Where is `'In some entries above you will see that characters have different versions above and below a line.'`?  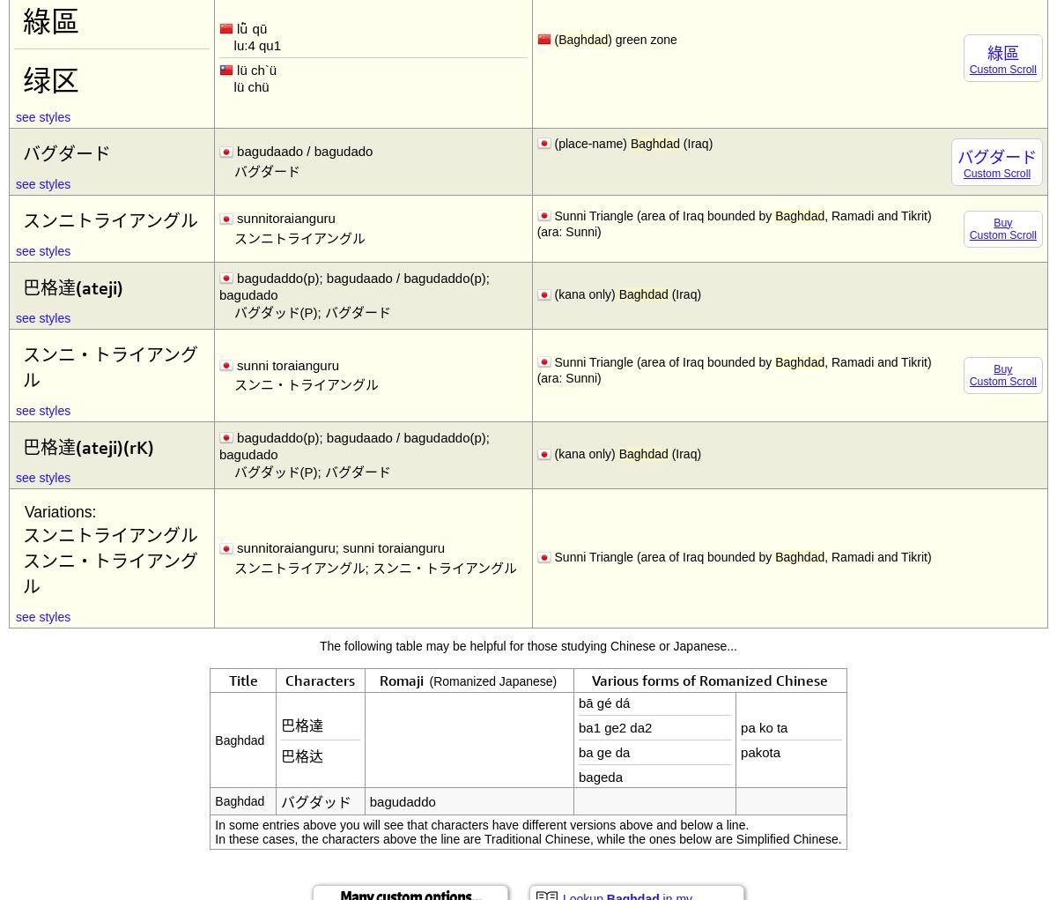 'In some entries above you will see that characters have different versions above and below a line.' is located at coordinates (213, 824).